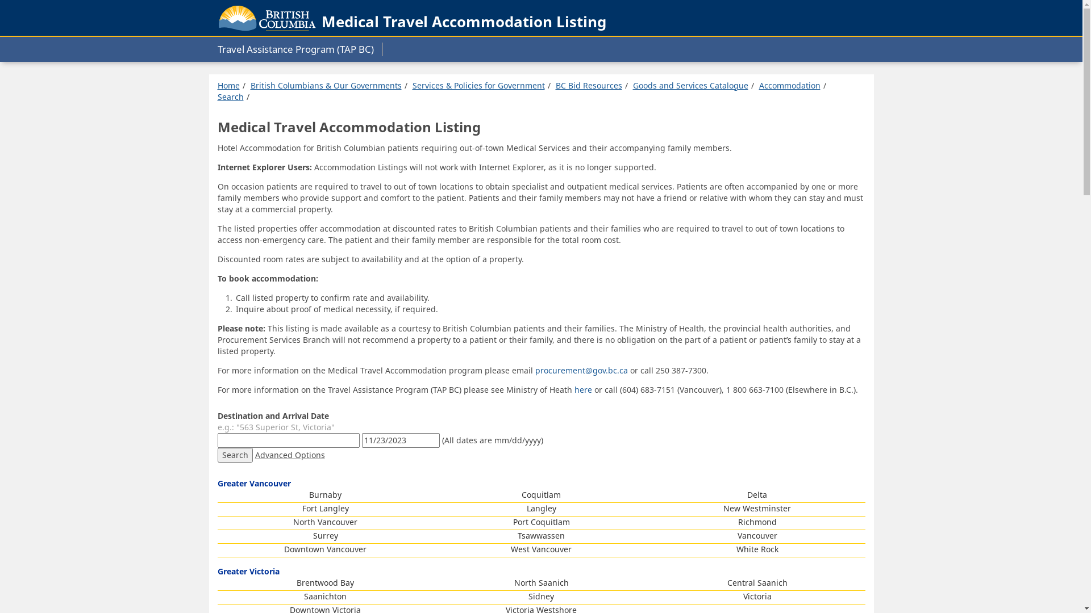  What do you see at coordinates (757, 535) in the screenshot?
I see `'Vancouver'` at bounding box center [757, 535].